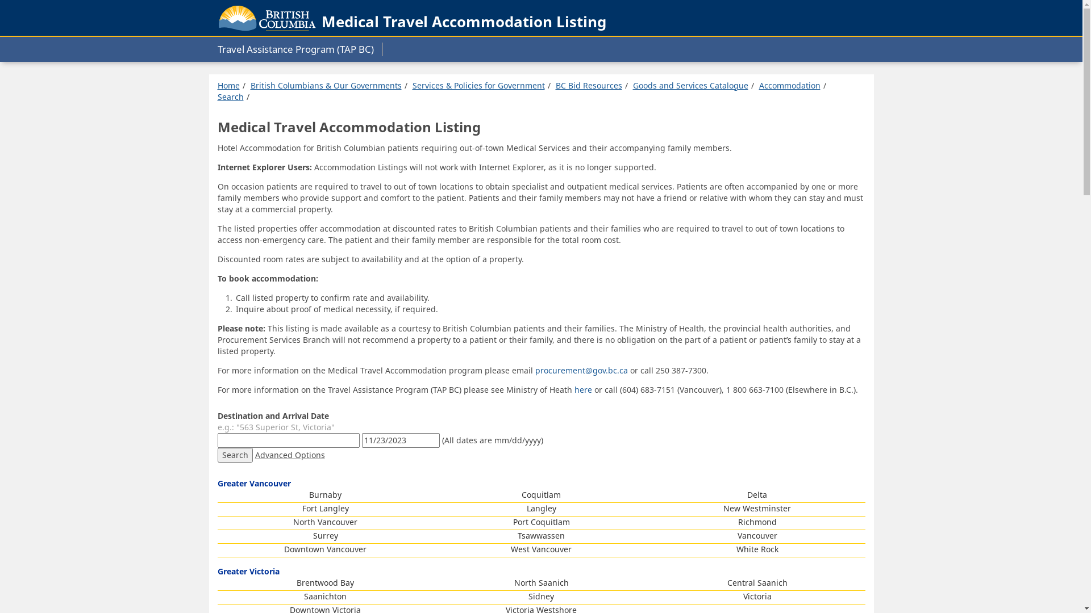  What do you see at coordinates (757, 535) in the screenshot?
I see `'Vancouver'` at bounding box center [757, 535].